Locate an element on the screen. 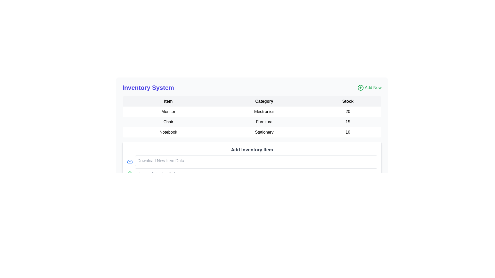  the text label representing the name of an inventory item located in the top row under the 'Item' column of the table is located at coordinates (168, 111).